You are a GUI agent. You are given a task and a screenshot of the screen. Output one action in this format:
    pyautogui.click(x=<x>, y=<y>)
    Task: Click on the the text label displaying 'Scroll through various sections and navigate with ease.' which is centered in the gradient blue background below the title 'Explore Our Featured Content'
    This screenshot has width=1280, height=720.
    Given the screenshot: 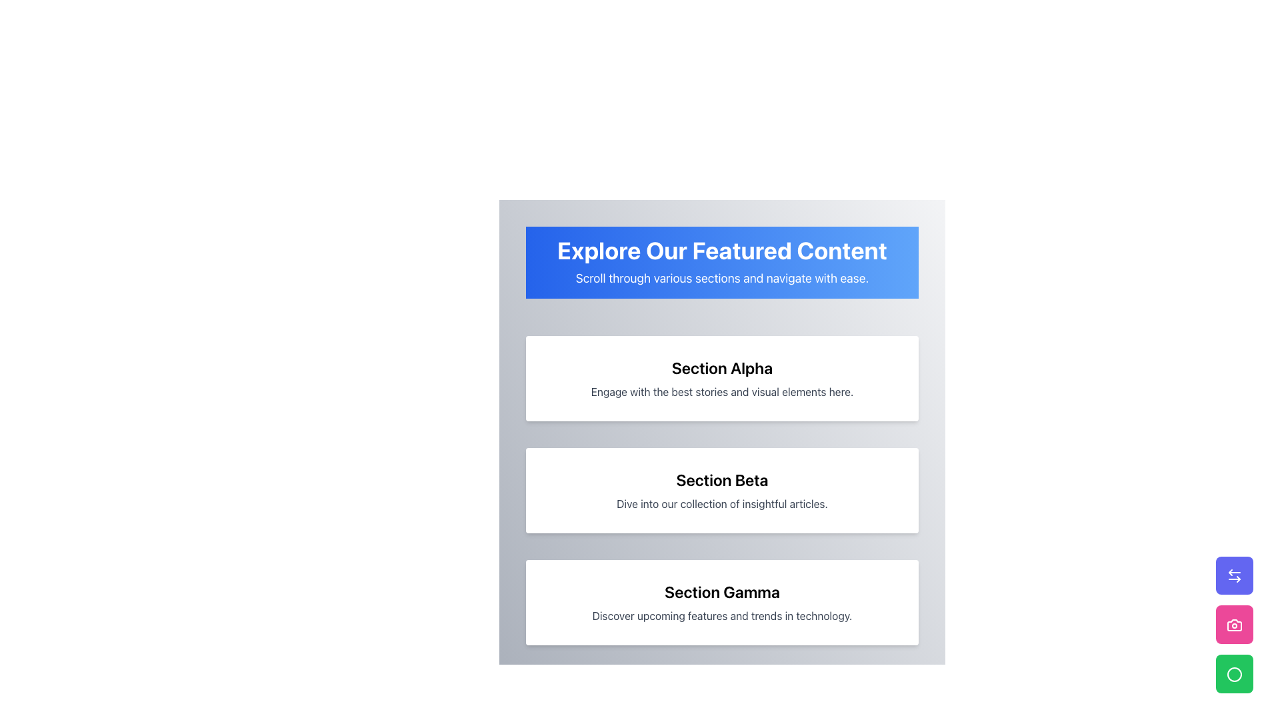 What is the action you would take?
    pyautogui.click(x=721, y=277)
    